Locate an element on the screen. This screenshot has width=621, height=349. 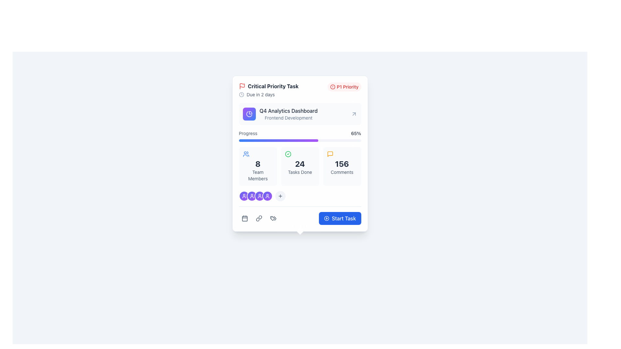
the circular green outlined icon with a checkmark in the center, which indicates success or completion, positioned to the left of the number '24' and above 'Tasks Done' in the dashboard card interface is located at coordinates (288, 154).